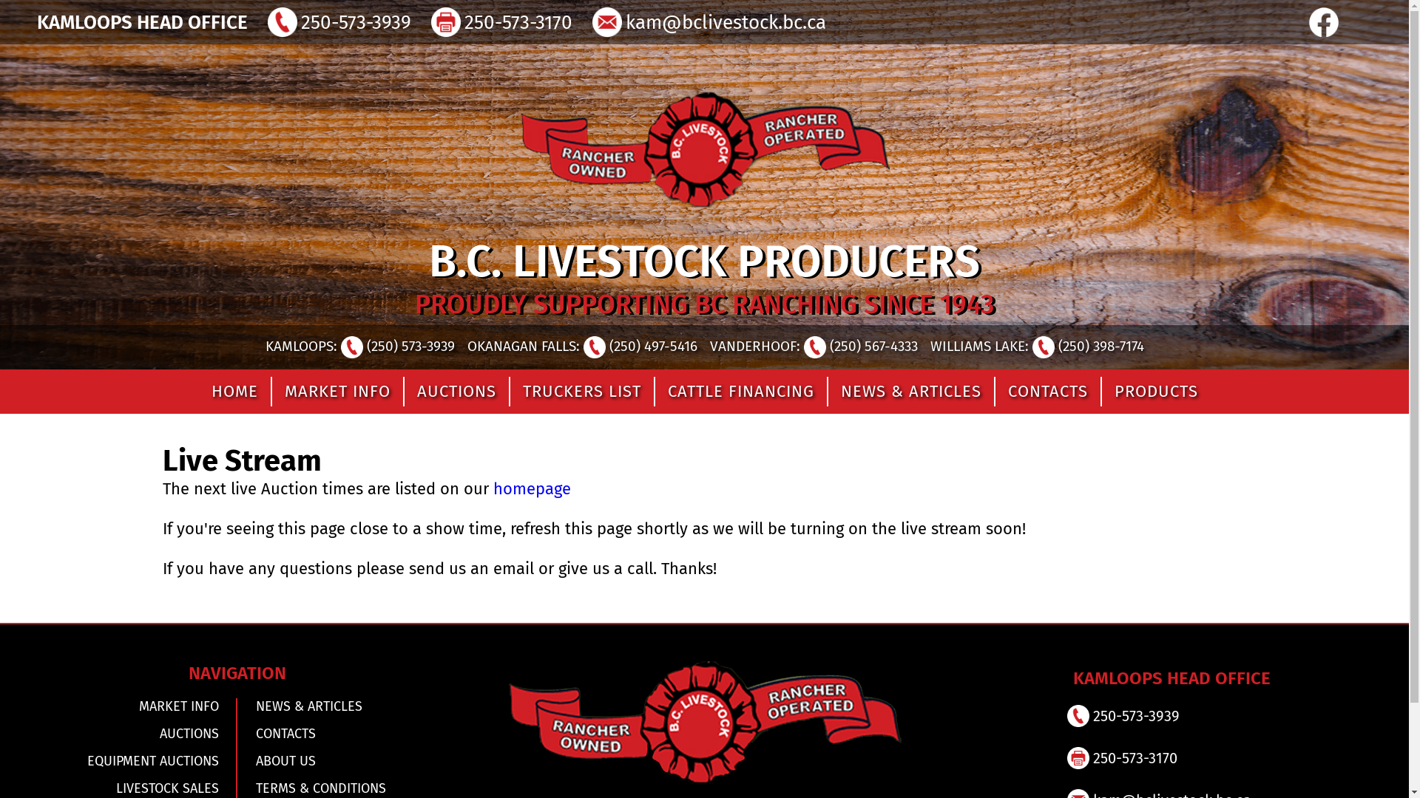 This screenshot has height=798, width=1420. What do you see at coordinates (859, 346) in the screenshot?
I see `'(250) 567-4333'` at bounding box center [859, 346].